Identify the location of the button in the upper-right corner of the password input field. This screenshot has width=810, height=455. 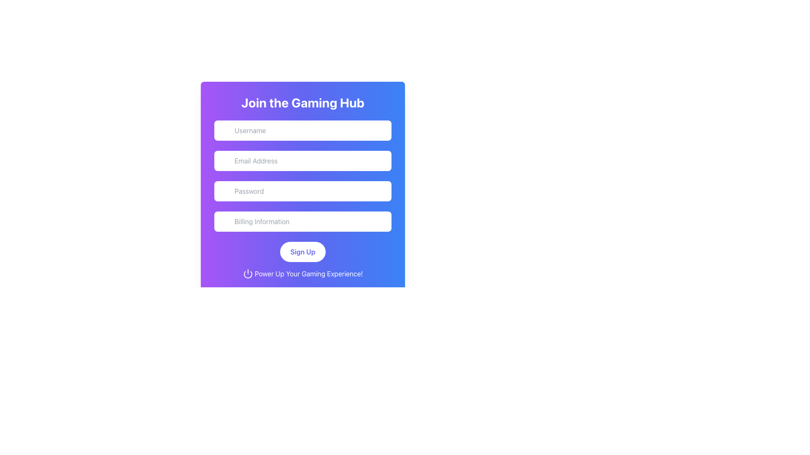
(381, 191).